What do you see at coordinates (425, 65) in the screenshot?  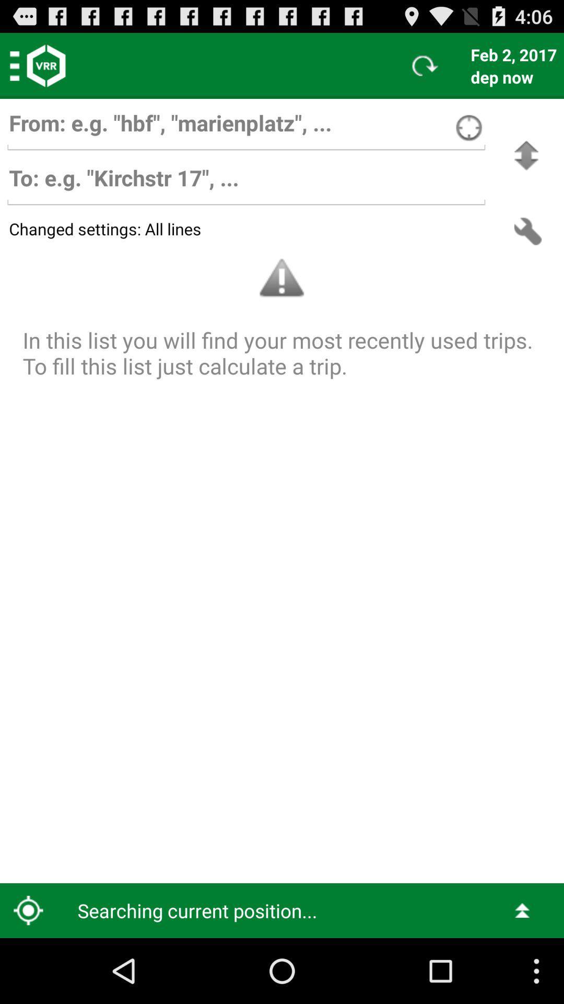 I see `the item next to the feb 2, 2017 icon` at bounding box center [425, 65].